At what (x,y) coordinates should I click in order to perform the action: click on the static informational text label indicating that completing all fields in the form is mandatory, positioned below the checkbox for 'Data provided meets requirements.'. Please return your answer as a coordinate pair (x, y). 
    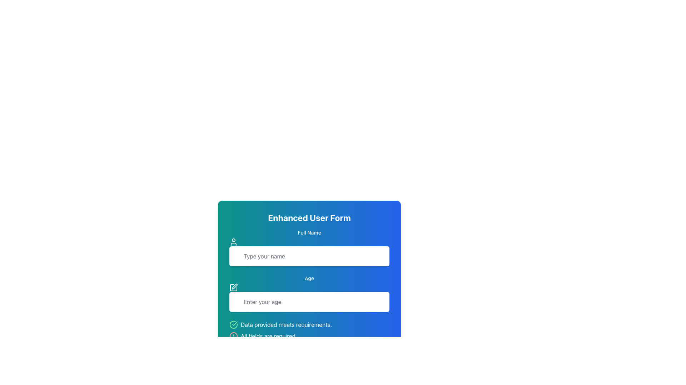
    Looking at the image, I should click on (268, 336).